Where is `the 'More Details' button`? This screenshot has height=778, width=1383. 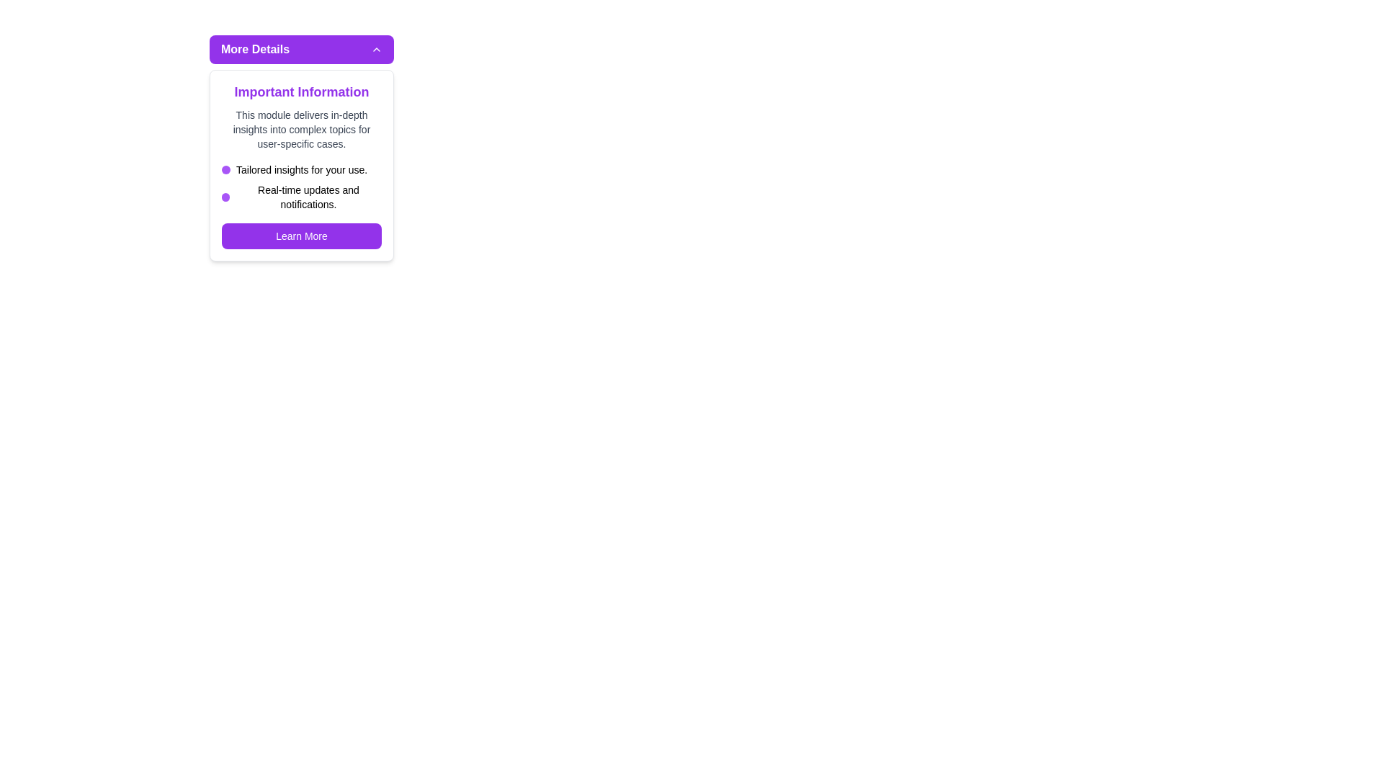 the 'More Details' button is located at coordinates (300, 49).